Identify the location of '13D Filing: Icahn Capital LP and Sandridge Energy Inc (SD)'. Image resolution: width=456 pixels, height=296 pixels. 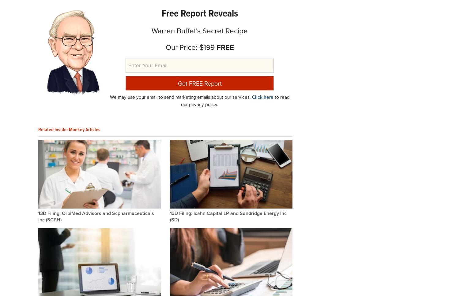
(228, 216).